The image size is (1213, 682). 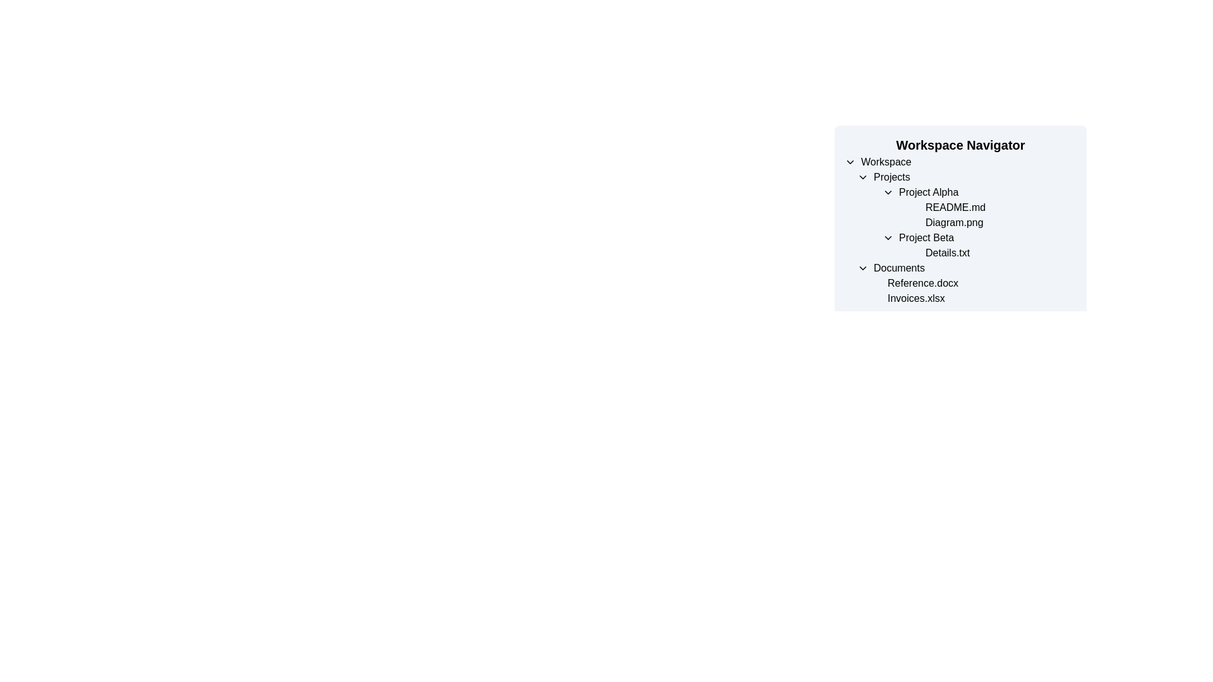 I want to click on the text label displaying 'Diagram.png' located in the third row of the 'Projects' category under 'Project Alpha' in the workspace navigation panel, so click(x=979, y=222).